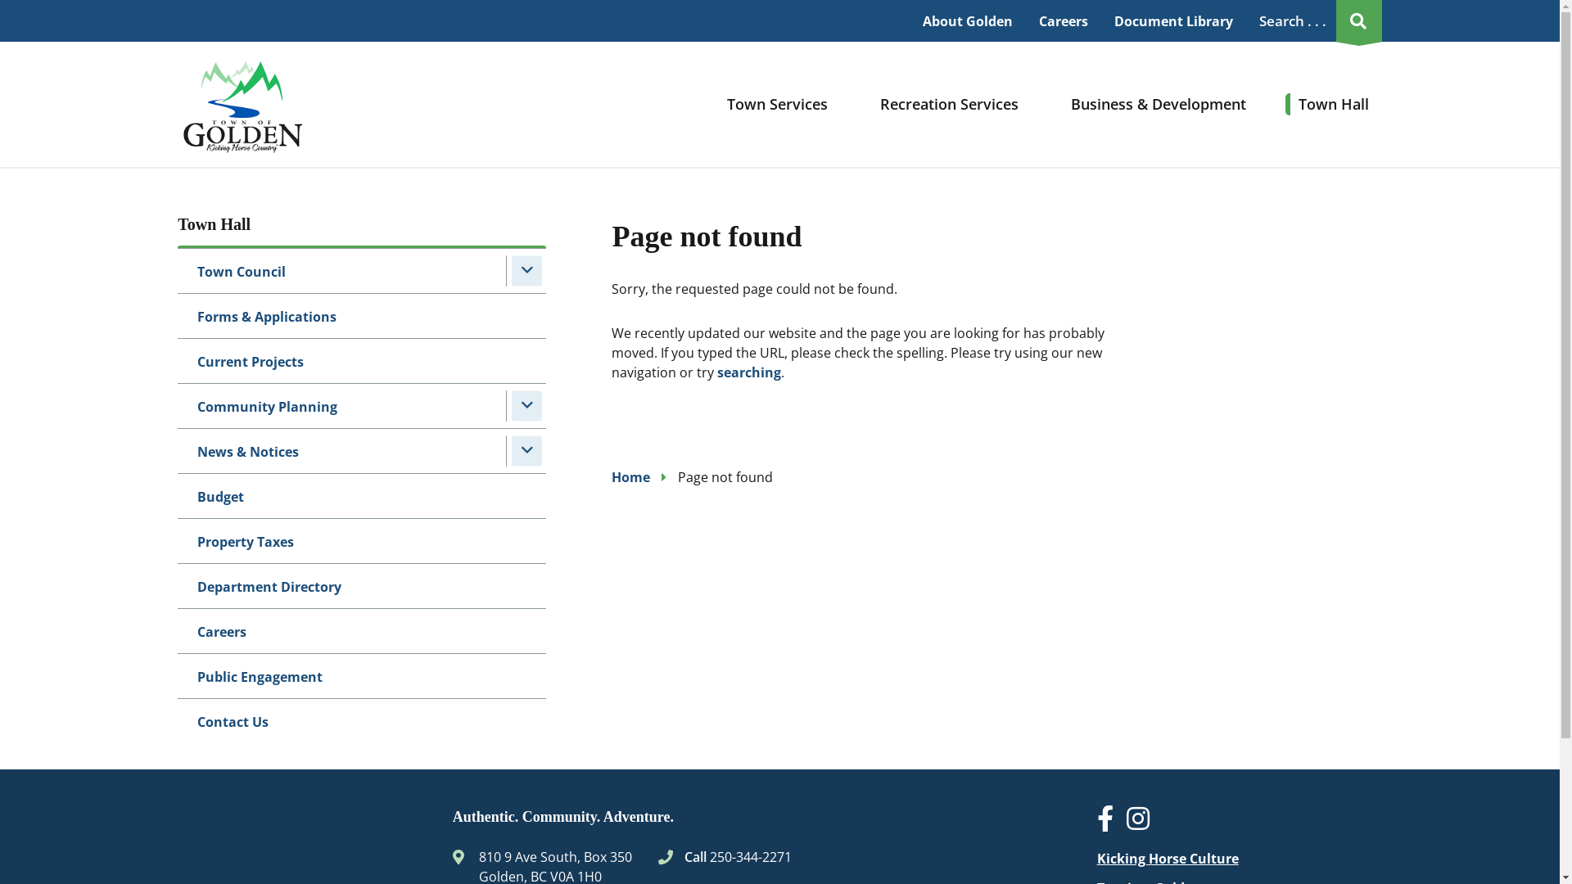 The image size is (1572, 884). What do you see at coordinates (748, 372) in the screenshot?
I see `'searching'` at bounding box center [748, 372].